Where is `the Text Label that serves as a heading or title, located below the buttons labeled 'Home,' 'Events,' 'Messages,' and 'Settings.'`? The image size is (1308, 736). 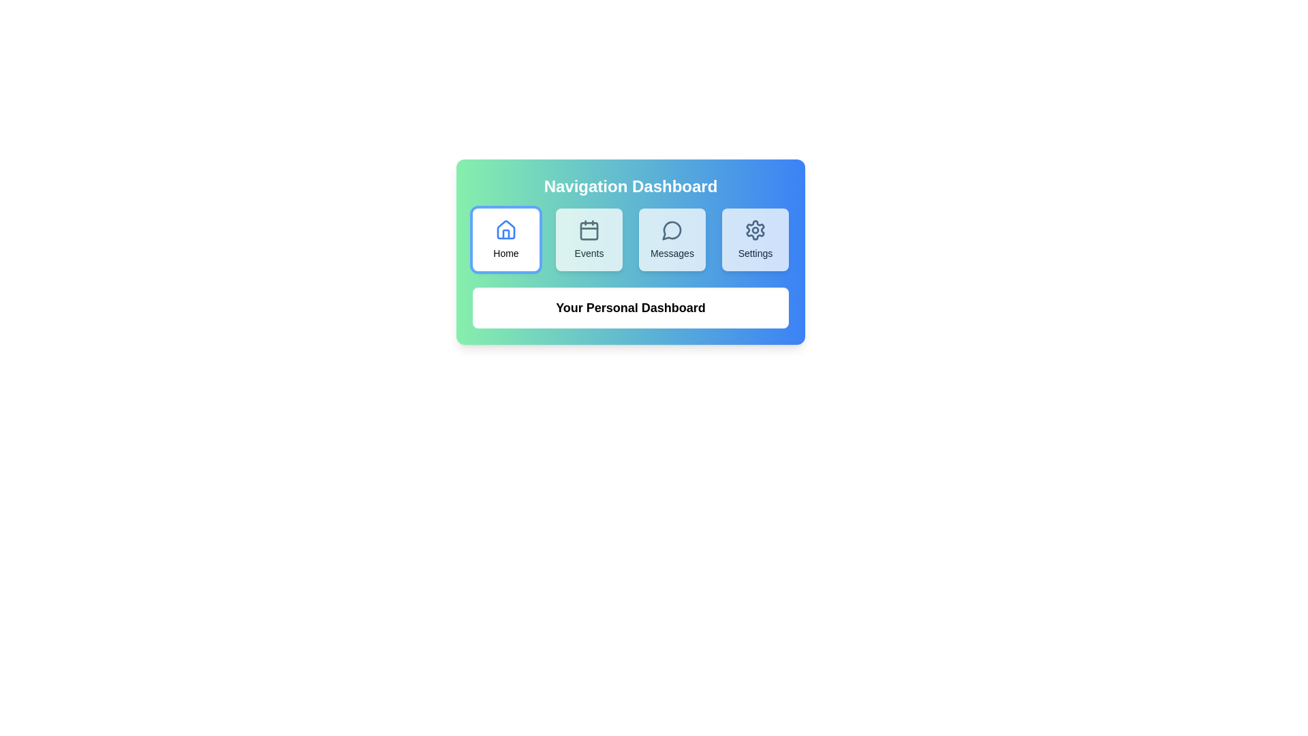
the Text Label that serves as a heading or title, located below the buttons labeled 'Home,' 'Events,' 'Messages,' and 'Settings.' is located at coordinates (630, 307).